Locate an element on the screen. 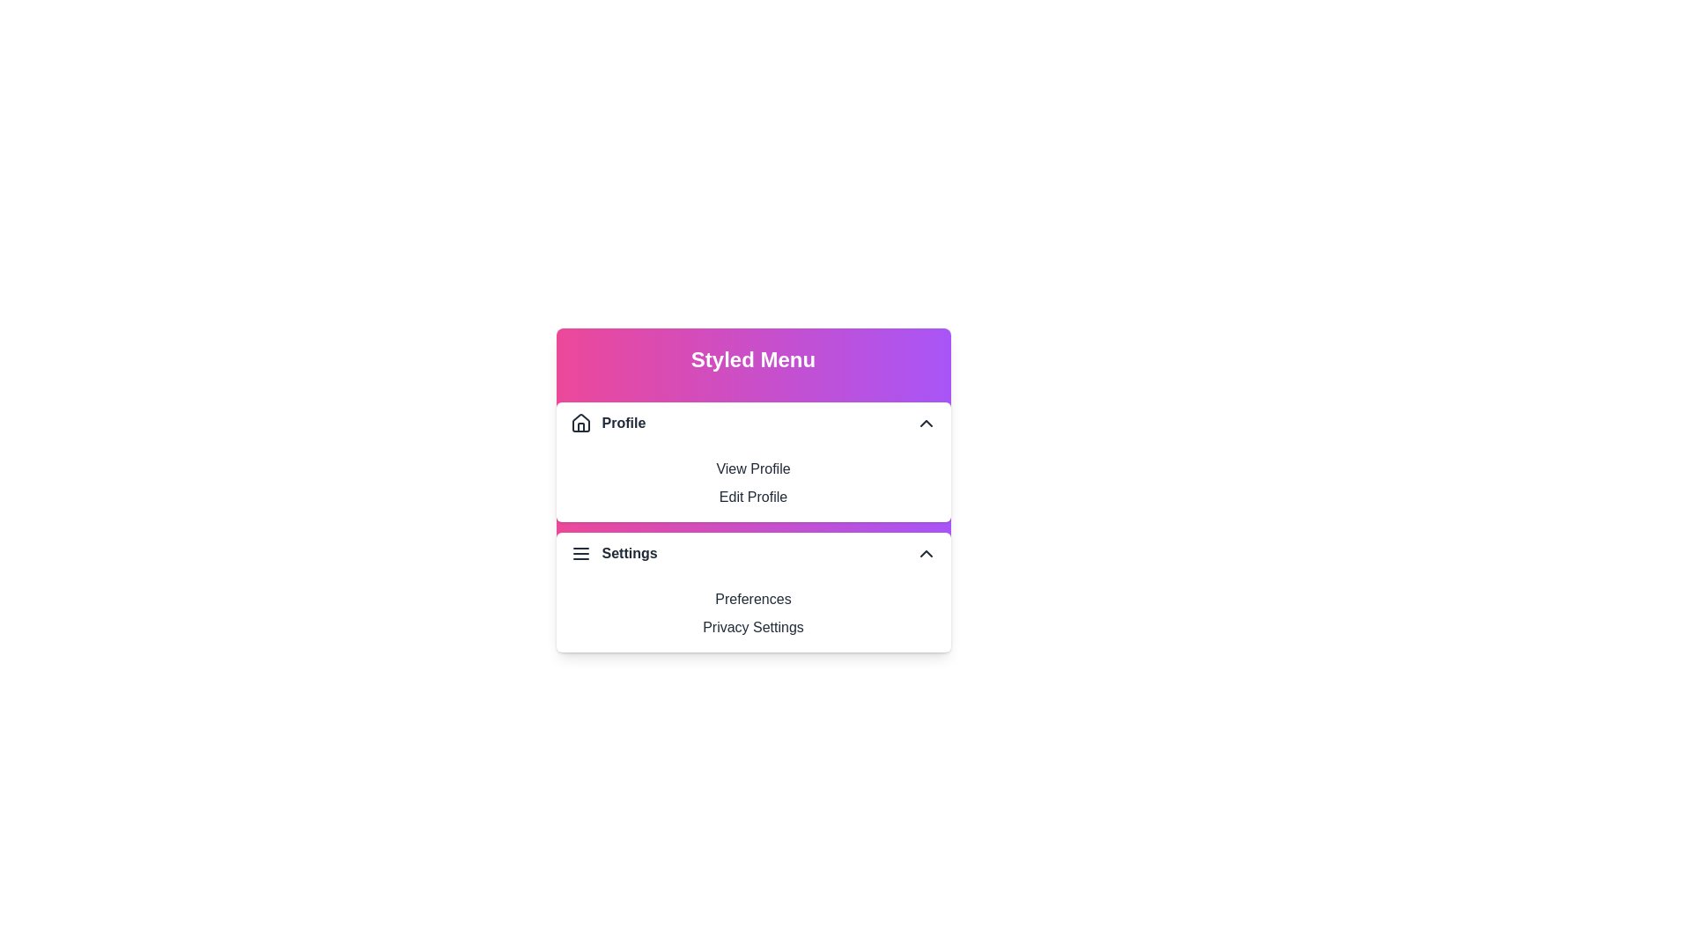  the menu option View Profile from the StyledMenu is located at coordinates (753, 468).